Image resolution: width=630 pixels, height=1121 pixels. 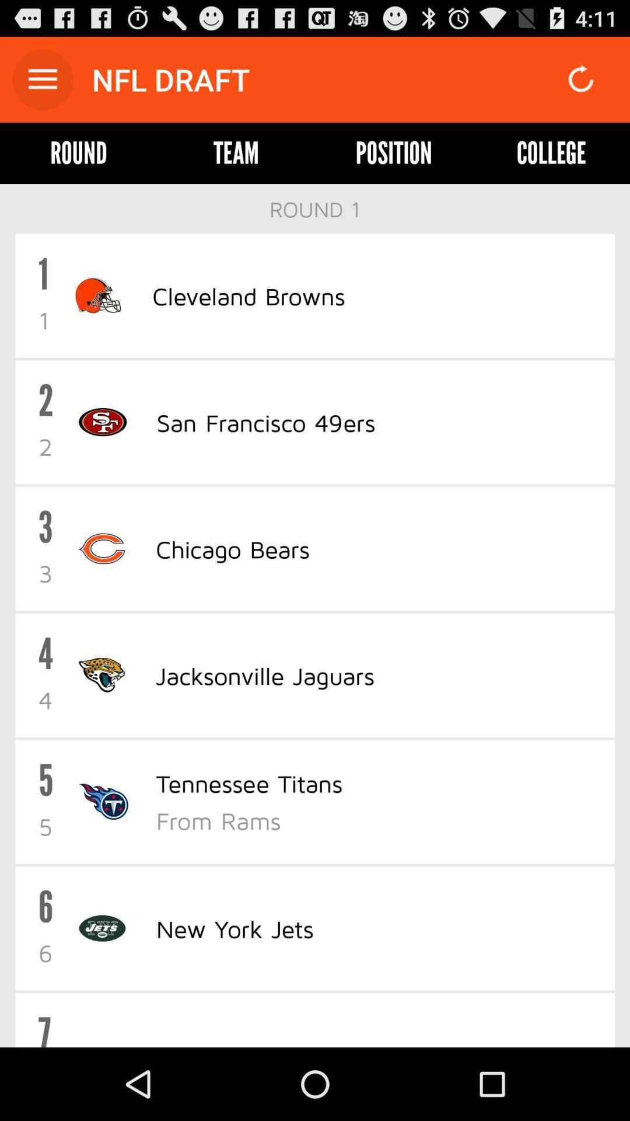 What do you see at coordinates (272, 1044) in the screenshot?
I see `los angeles chargers item` at bounding box center [272, 1044].